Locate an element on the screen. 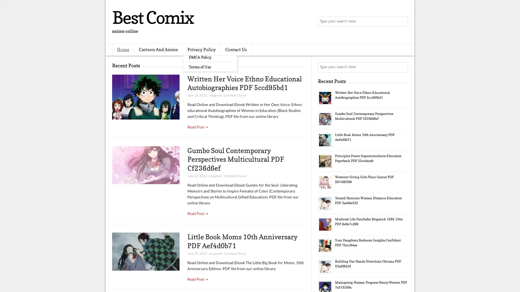  Search is located at coordinates (402, 67).